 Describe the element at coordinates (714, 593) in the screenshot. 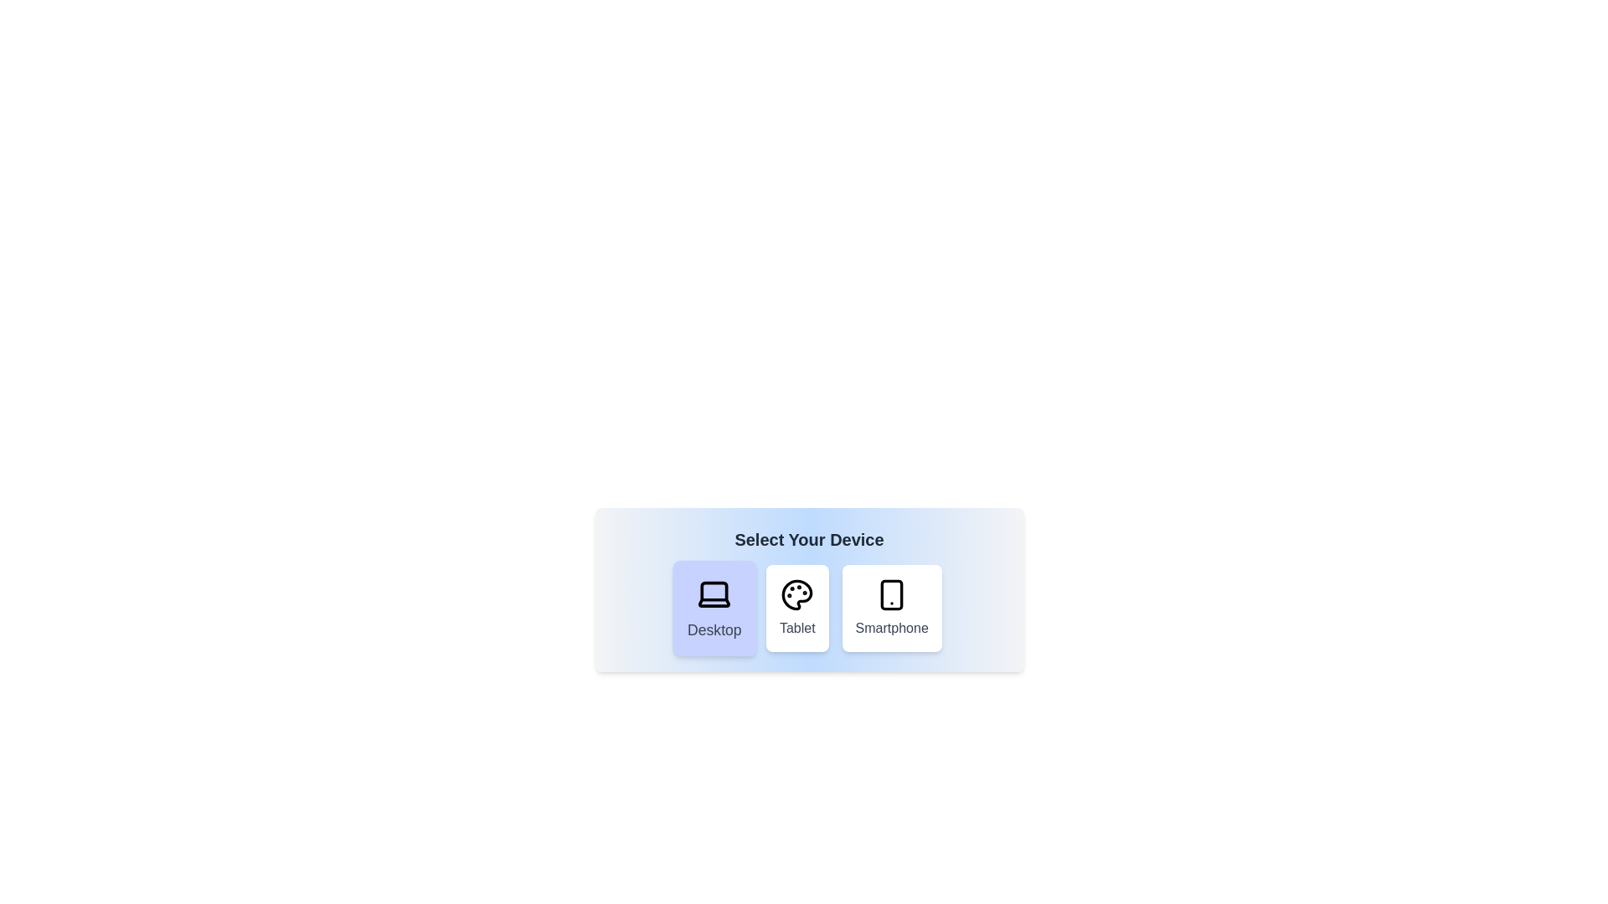

I see `the SVG laptop icon within the 'Desktop' button located under the 'Select Your Device' heading` at that location.